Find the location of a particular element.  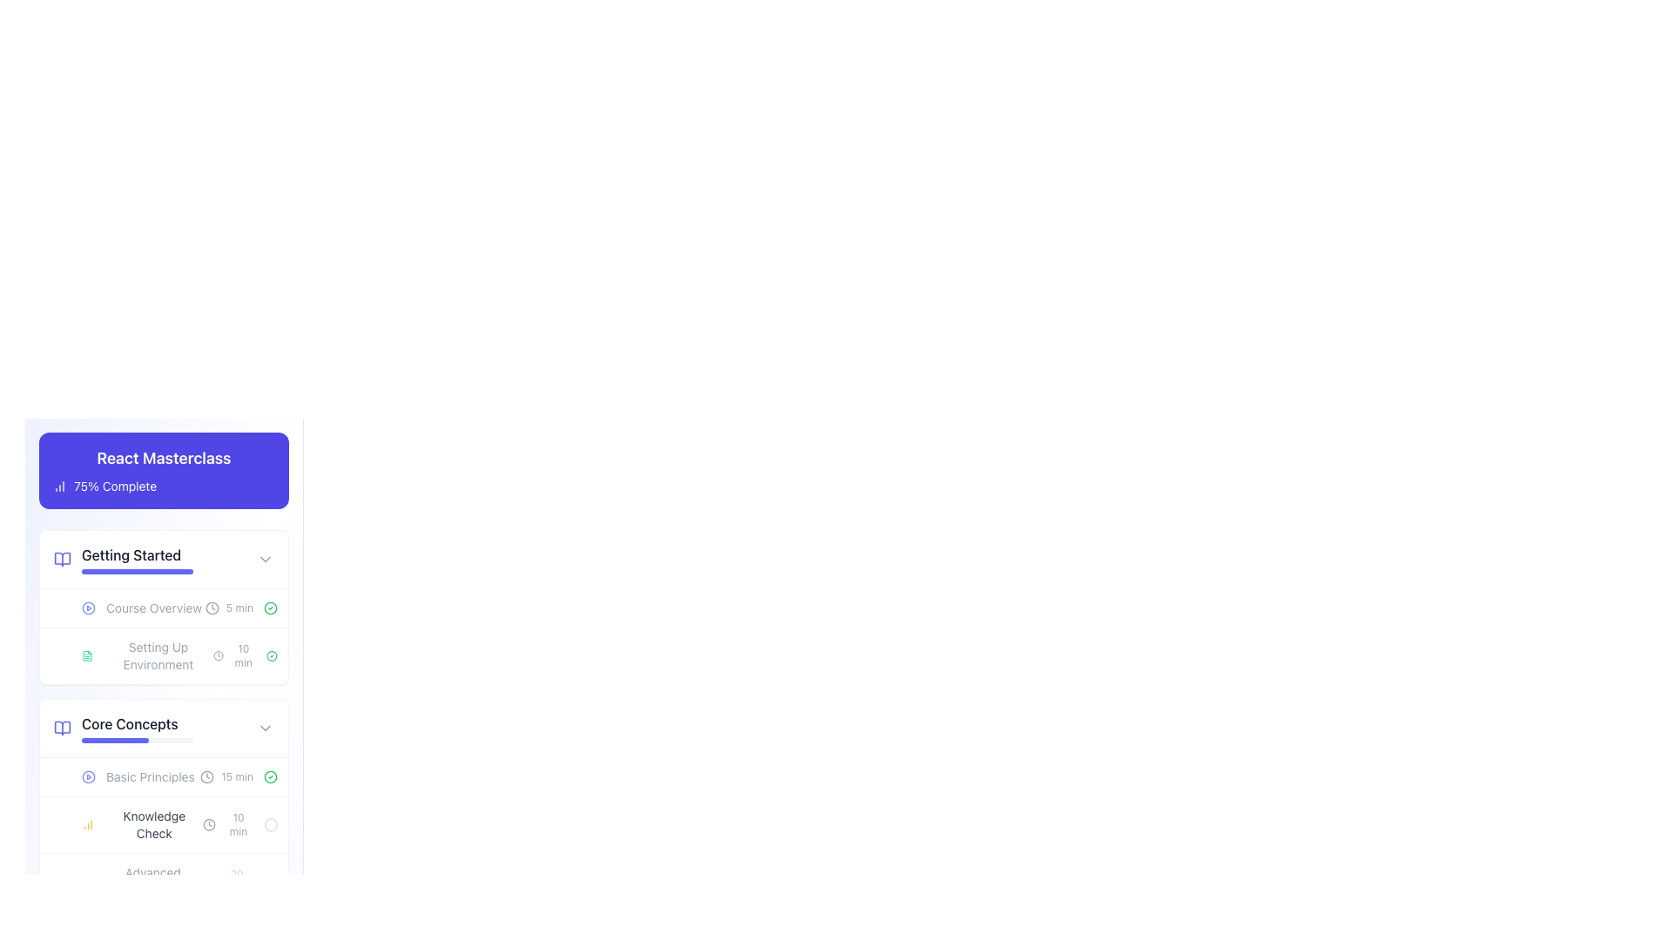

the third list item under the 'Core Concepts' section, which represents a specific topic or module within a course is located at coordinates (164, 881).